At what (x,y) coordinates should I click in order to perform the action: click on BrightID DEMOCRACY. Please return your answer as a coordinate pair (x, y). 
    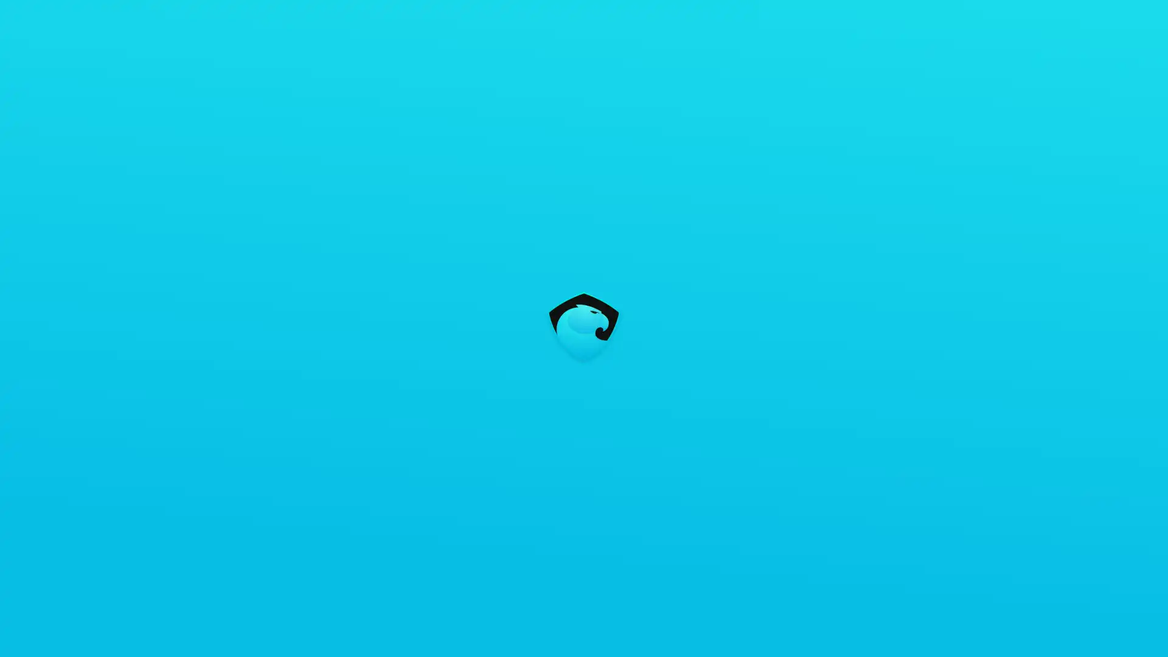
    Looking at the image, I should click on (746, 322).